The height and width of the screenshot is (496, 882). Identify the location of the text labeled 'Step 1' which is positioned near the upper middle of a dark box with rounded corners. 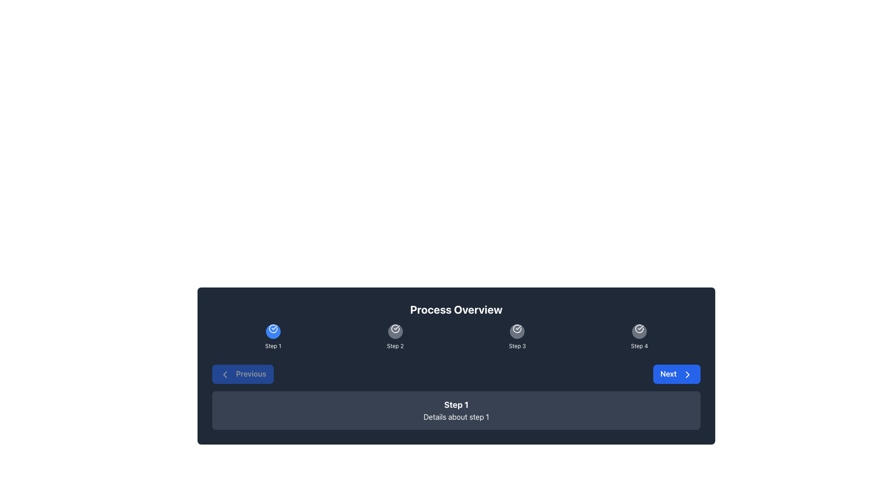
(456, 404).